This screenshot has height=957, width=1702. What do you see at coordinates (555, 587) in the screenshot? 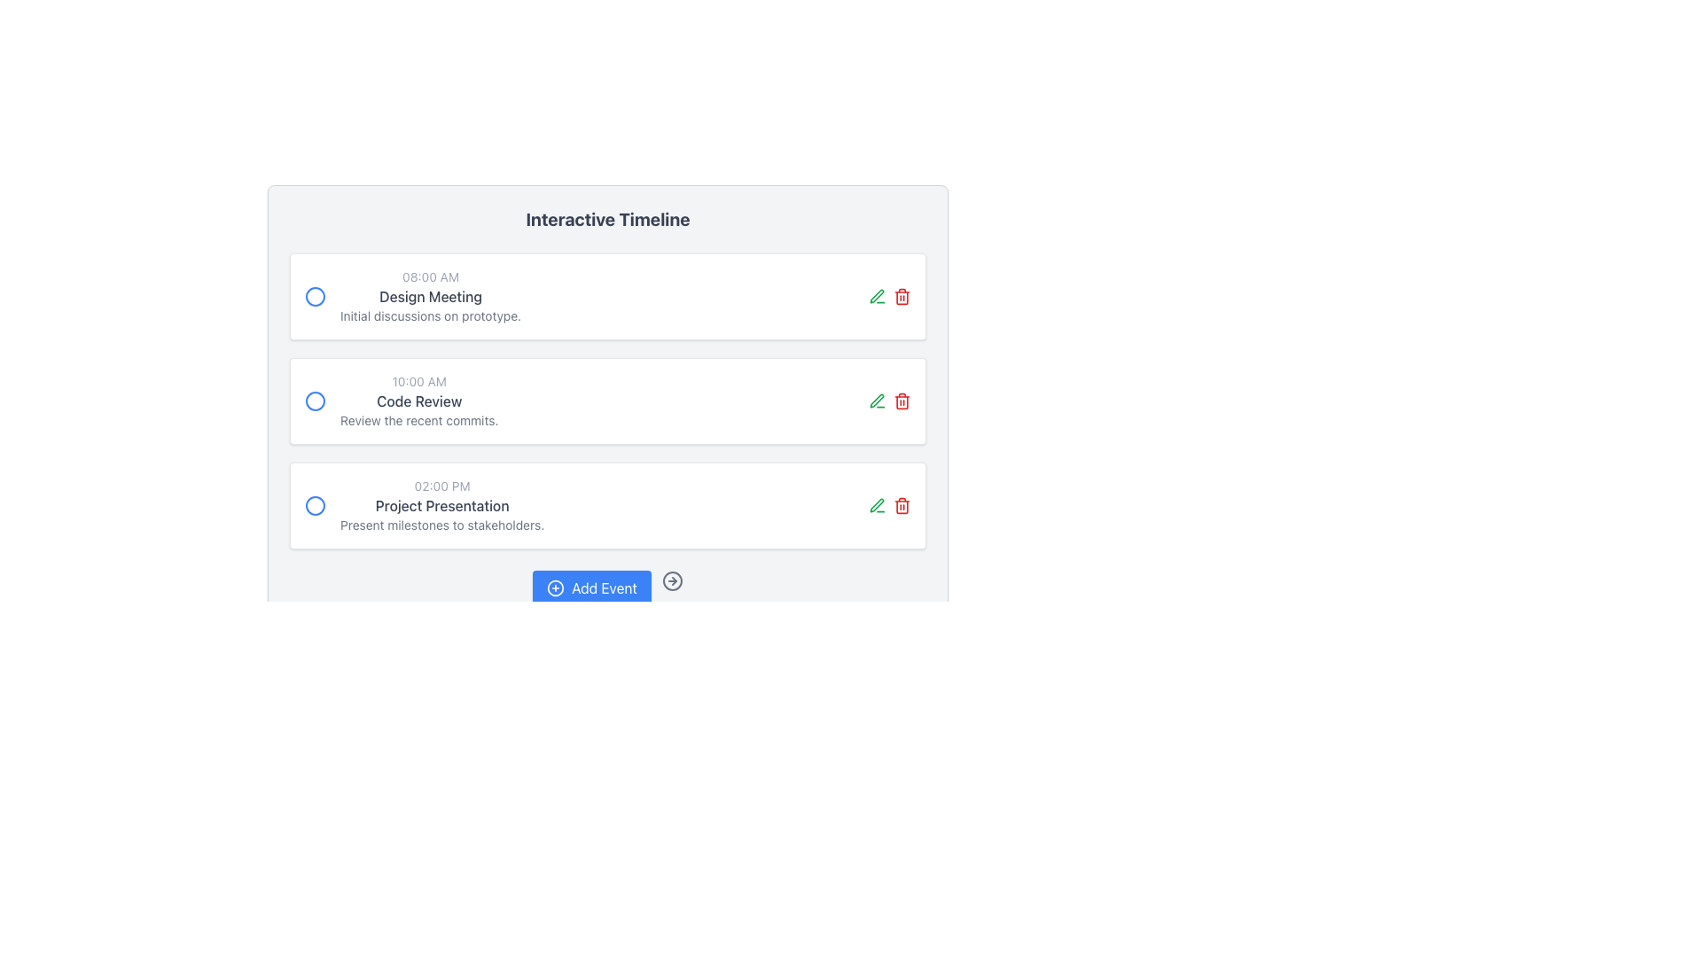
I see `the decorative circular icon within the 'Add Event' button located at the bottom of the timeline interface` at bounding box center [555, 587].